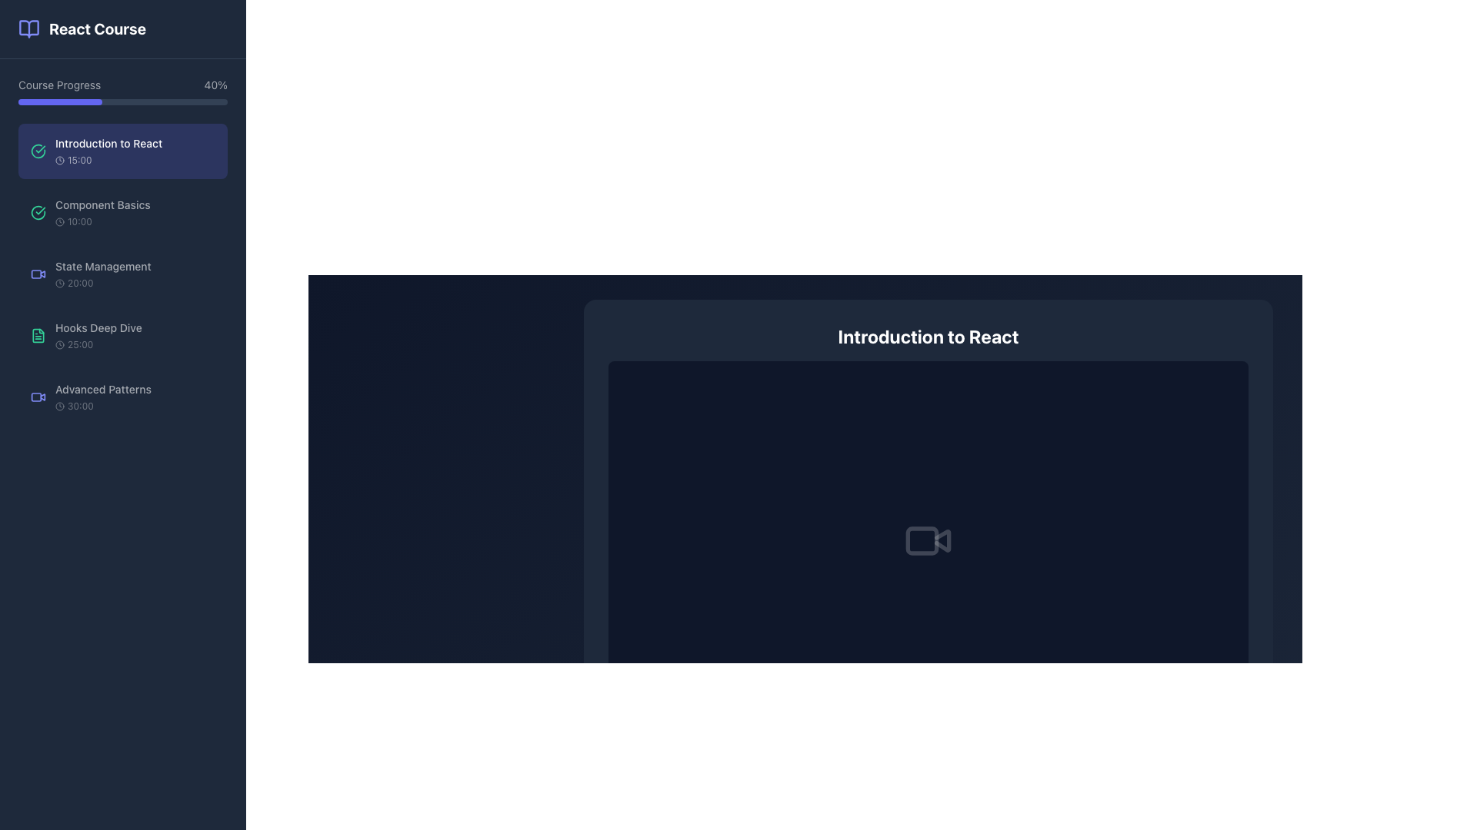 This screenshot has height=830, width=1477. I want to click on the icon representing the course item, which is positioned to the left of the 'Hooks Deep Dive' text, to visually identify it as a document or textual content related to the course, so click(38, 334).